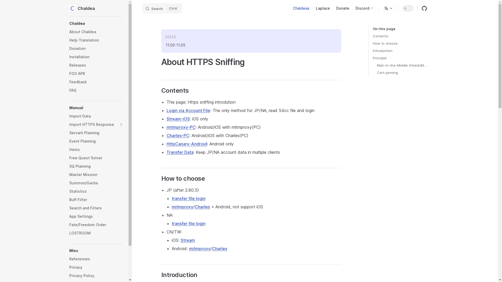 This screenshot has height=282, width=502. What do you see at coordinates (364, 8) in the screenshot?
I see `'Discord'` at bounding box center [364, 8].